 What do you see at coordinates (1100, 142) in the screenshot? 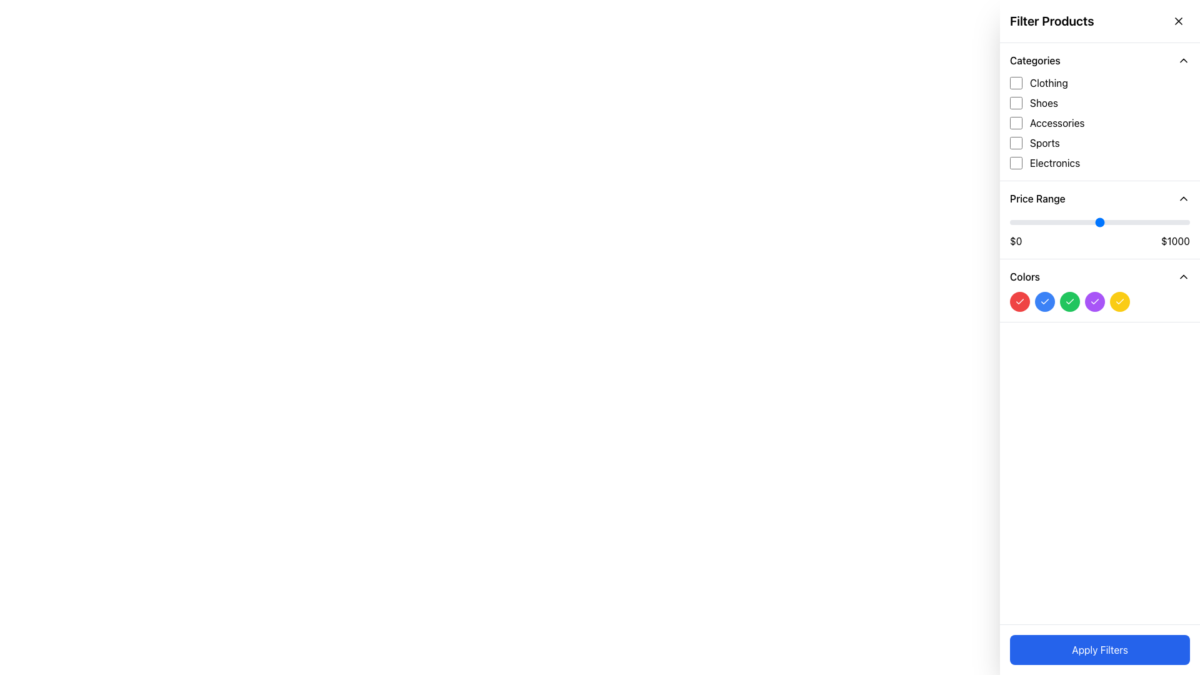
I see `the checkbox labeled 'Sports'` at bounding box center [1100, 142].